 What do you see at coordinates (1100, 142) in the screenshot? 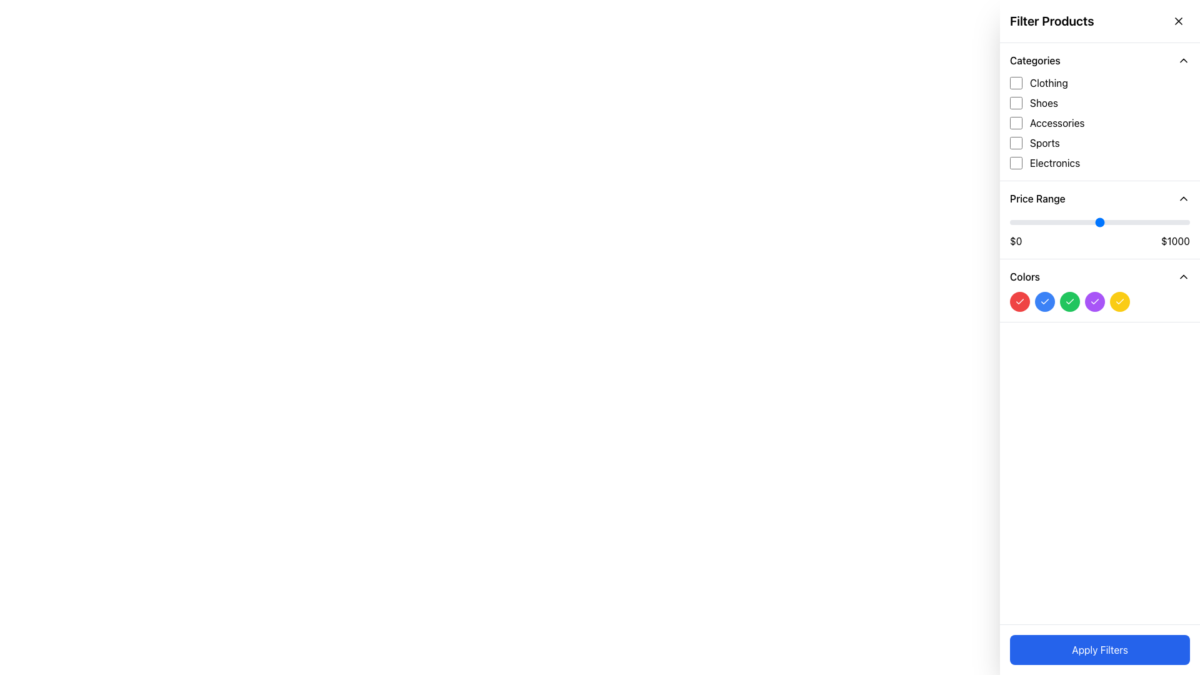
I see `the checkbox labeled 'Sports'` at bounding box center [1100, 142].